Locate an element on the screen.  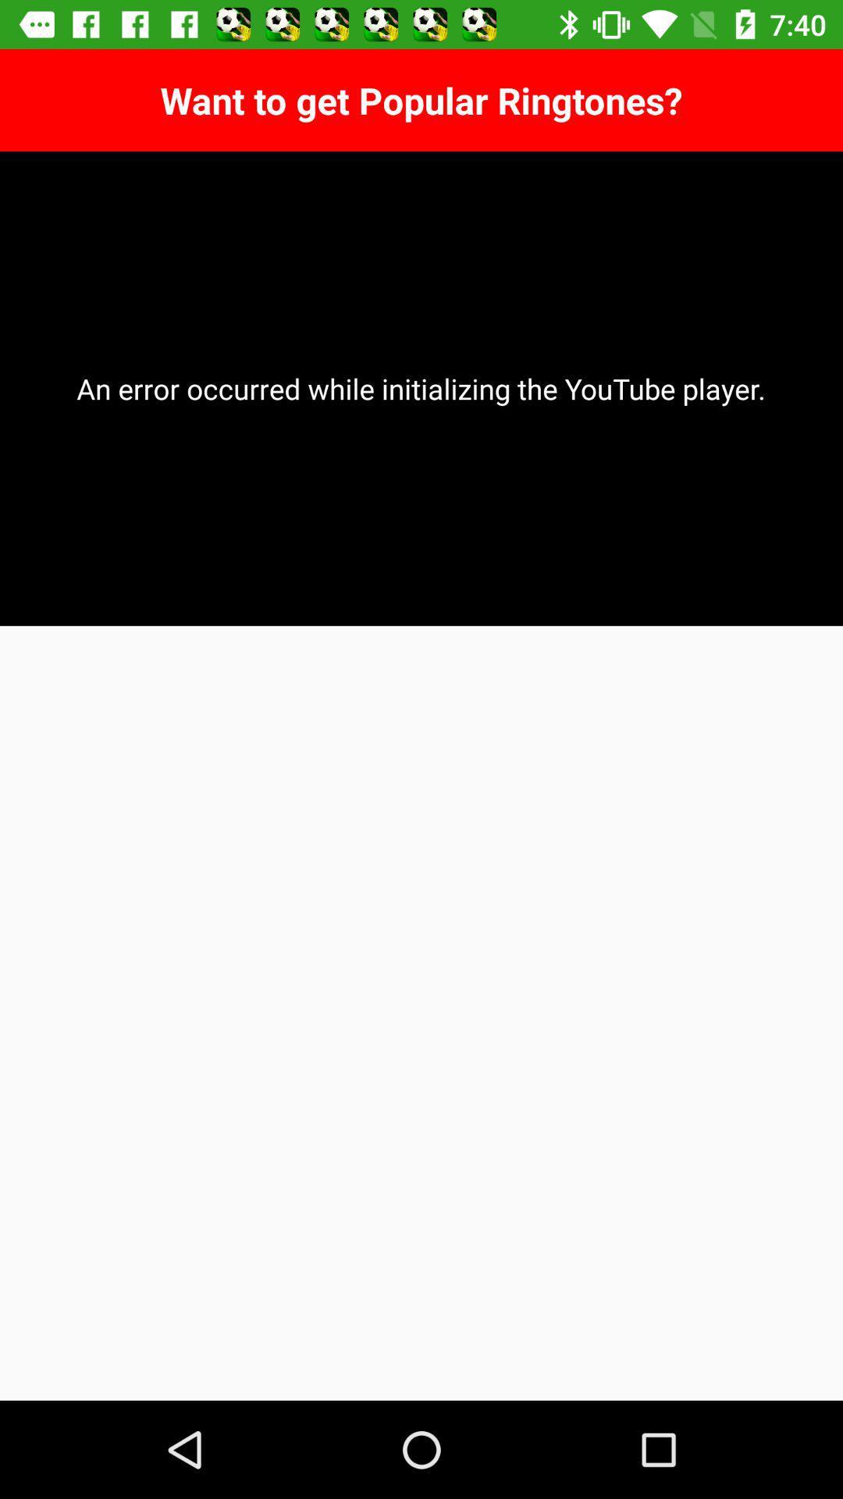
the want to get app is located at coordinates (421, 99).